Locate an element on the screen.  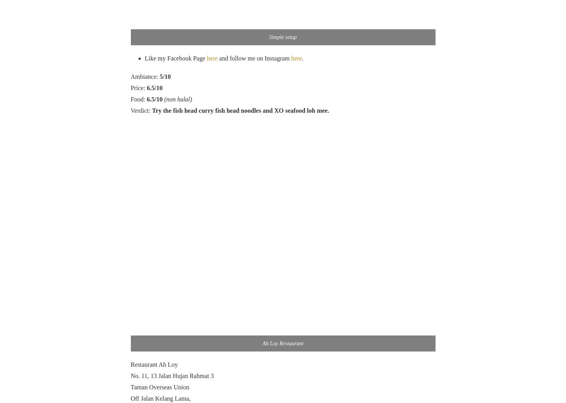
'Price:' is located at coordinates (138, 87).